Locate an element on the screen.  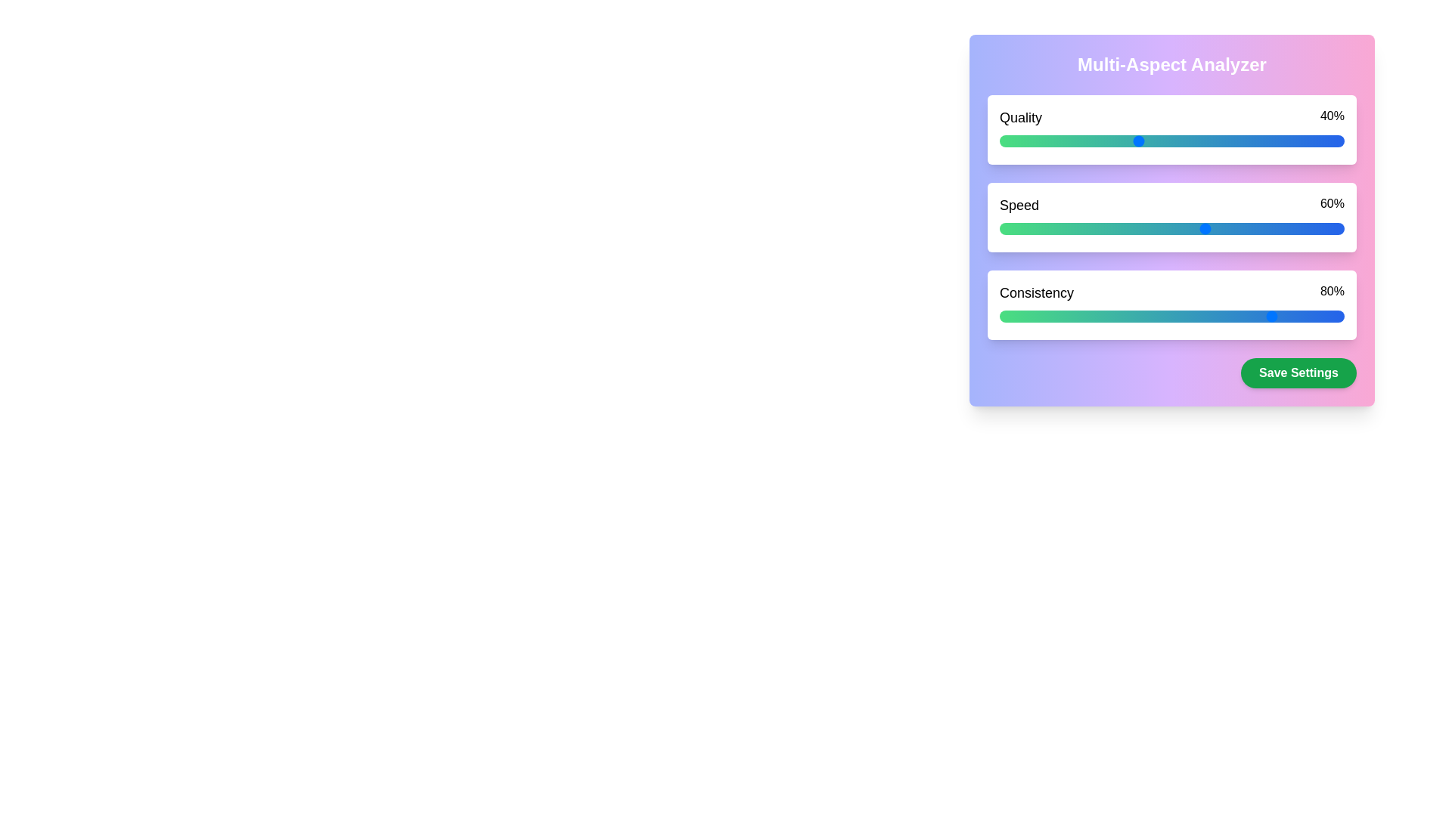
the Static Display Information element that shows the current speed percentage, located centrally above the progress bar and below the Quality element is located at coordinates (1171, 206).